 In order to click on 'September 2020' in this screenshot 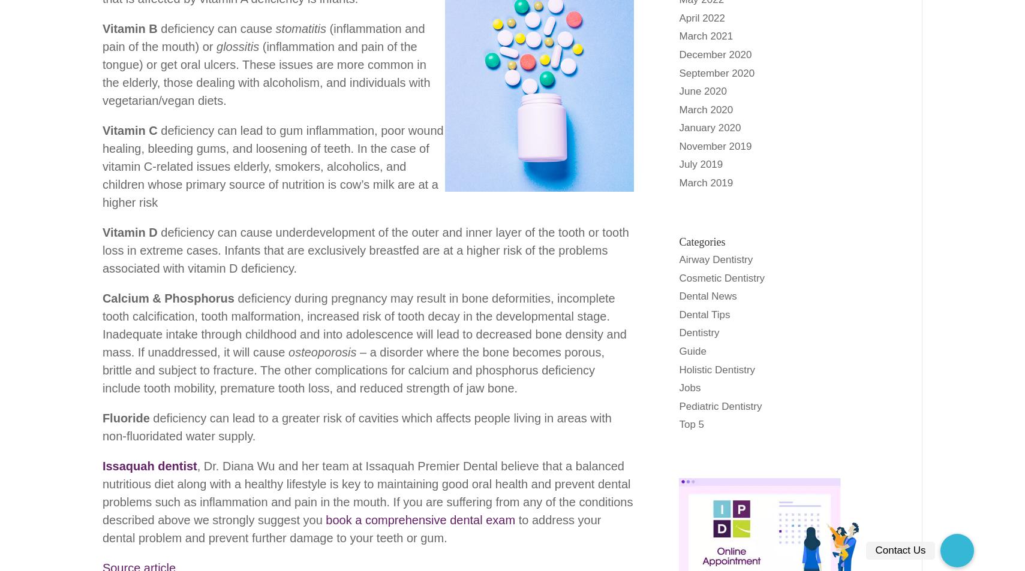, I will do `click(716, 72)`.